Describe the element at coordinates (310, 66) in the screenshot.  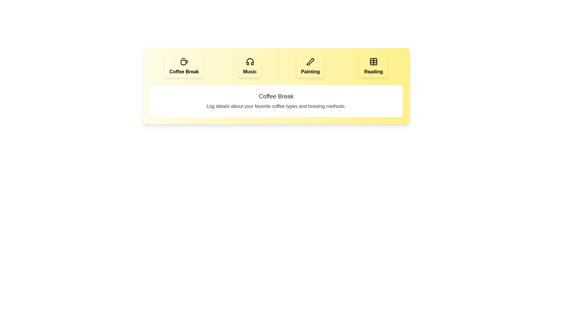
I see `to select the 'Painting' tab, which is the third tab in a group of four, featuring a paintbrush icon and bold text on a light yellow background` at that location.